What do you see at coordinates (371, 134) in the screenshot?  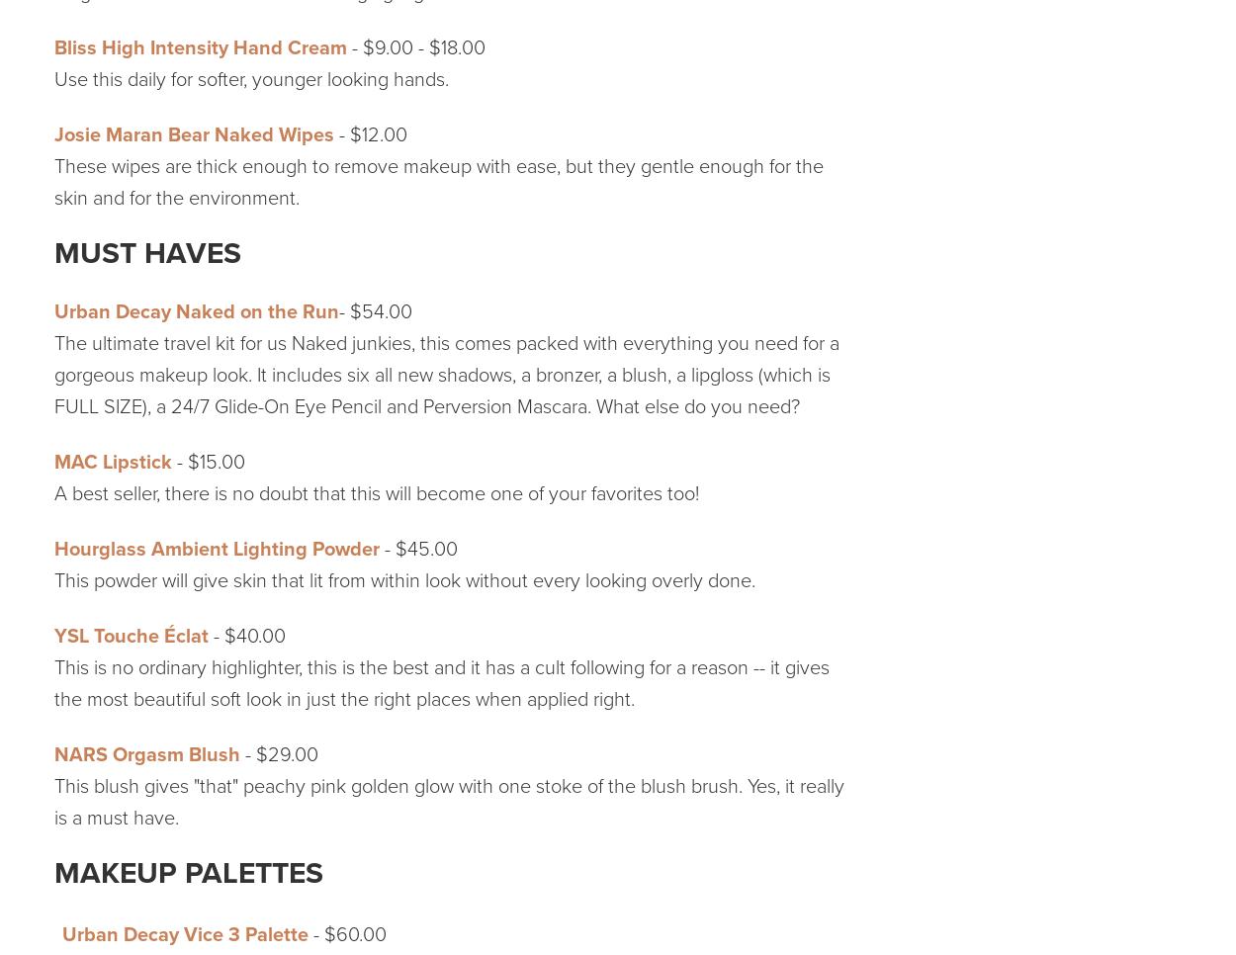 I see `'- $12.00'` at bounding box center [371, 134].